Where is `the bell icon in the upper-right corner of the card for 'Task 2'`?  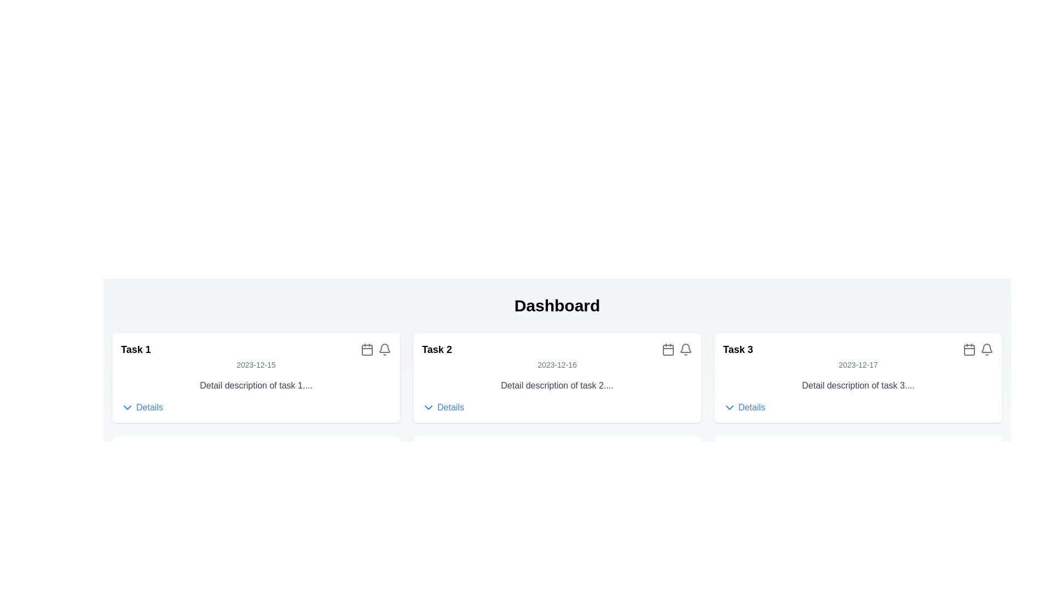 the bell icon in the upper-right corner of the card for 'Task 2' is located at coordinates (677, 350).